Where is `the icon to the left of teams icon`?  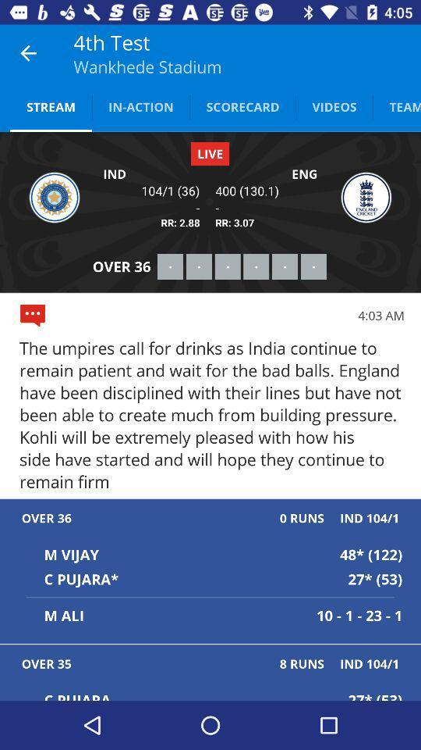
the icon to the left of teams icon is located at coordinates (333, 105).